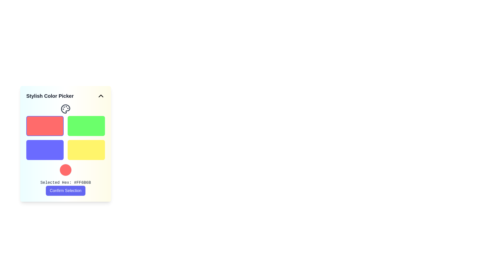 This screenshot has height=270, width=481. What do you see at coordinates (45, 150) in the screenshot?
I see `the rectangular button with rounded corners and a solid blue background located in the second row, first column of a 2x2 grid layout within a color picker interface` at bounding box center [45, 150].